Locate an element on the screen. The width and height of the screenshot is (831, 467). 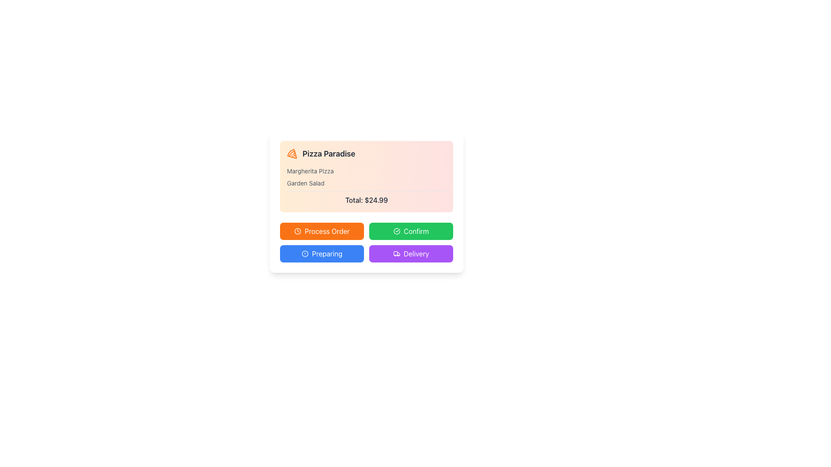
the SVG circle element that serves as the background structure of the clock icon located to the left of the text 'Pizza Paradise' is located at coordinates (298, 231).